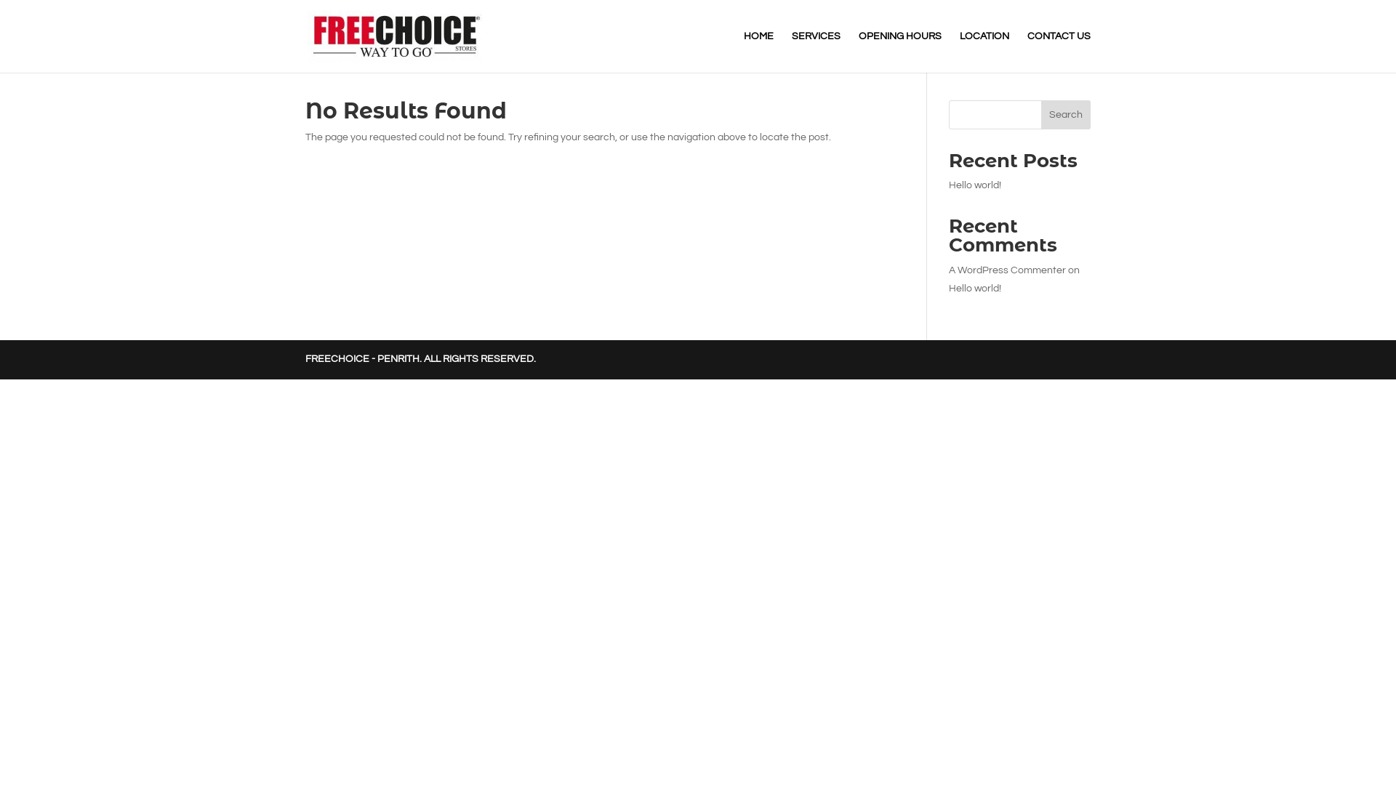 This screenshot has height=785, width=1396. What do you see at coordinates (758, 51) in the screenshot?
I see `'HOME'` at bounding box center [758, 51].